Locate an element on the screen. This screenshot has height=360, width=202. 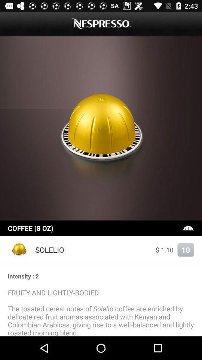
fruity and lightly item is located at coordinates (101, 312).